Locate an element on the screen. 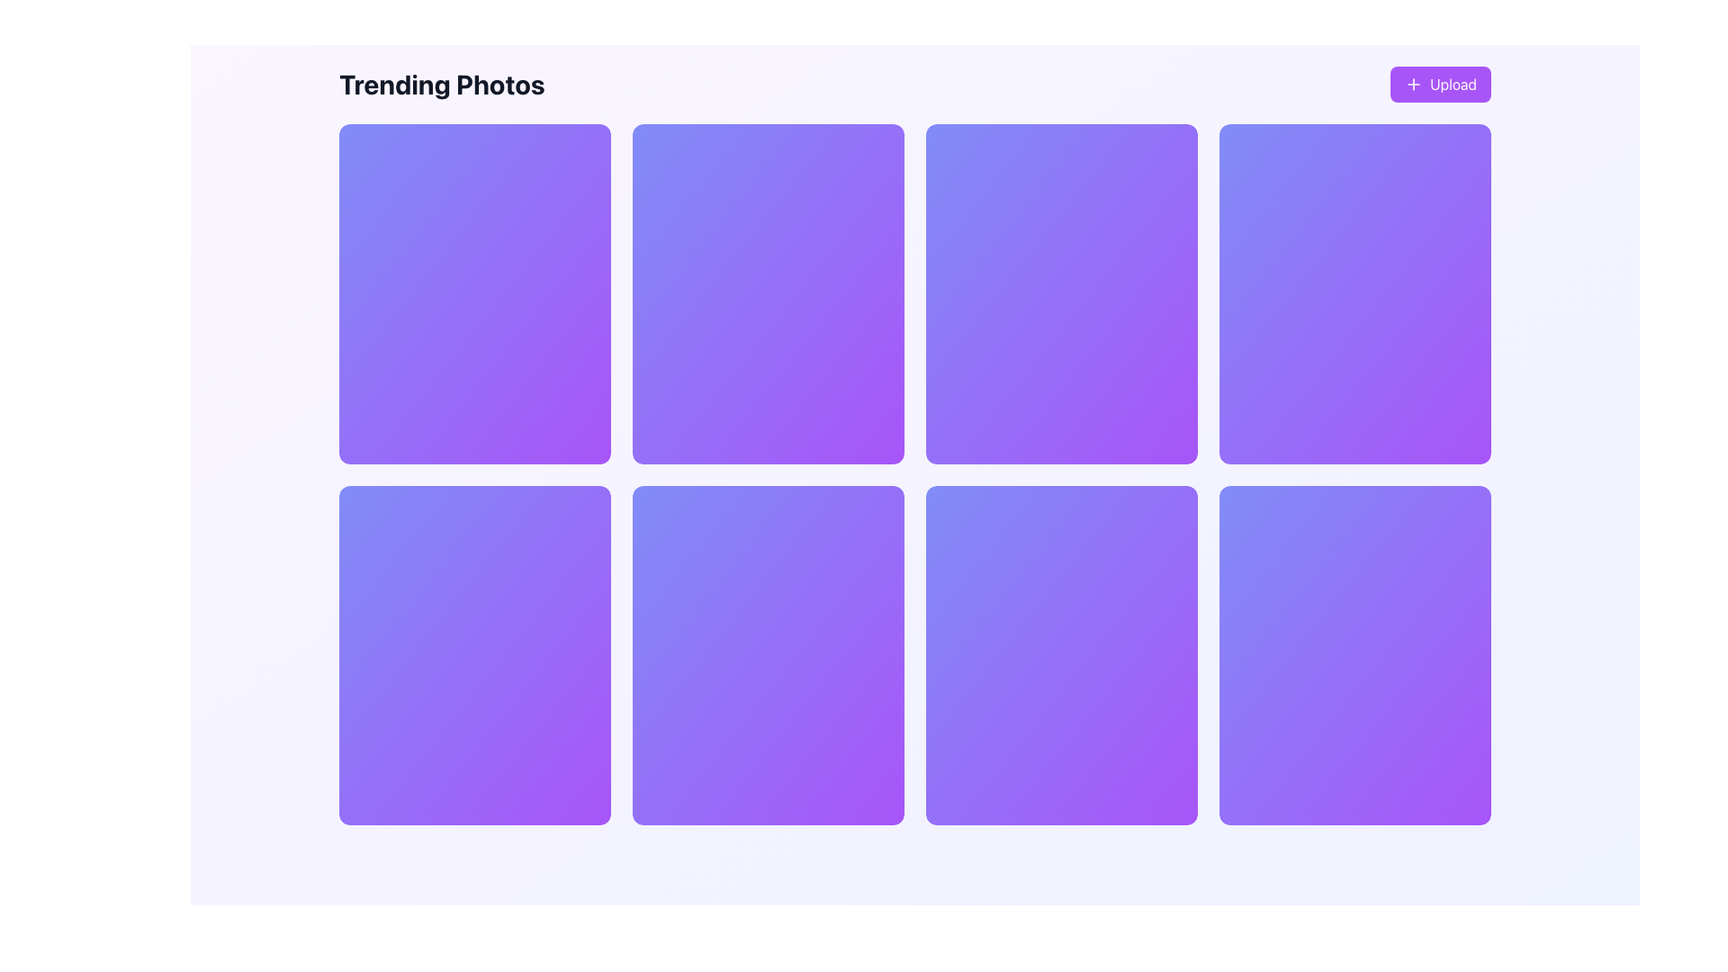 The width and height of the screenshot is (1728, 972). the circular graphical element that is styled in SVG format, located in the bottom-right cell of the grid layout is located at coordinates (1462, 514).